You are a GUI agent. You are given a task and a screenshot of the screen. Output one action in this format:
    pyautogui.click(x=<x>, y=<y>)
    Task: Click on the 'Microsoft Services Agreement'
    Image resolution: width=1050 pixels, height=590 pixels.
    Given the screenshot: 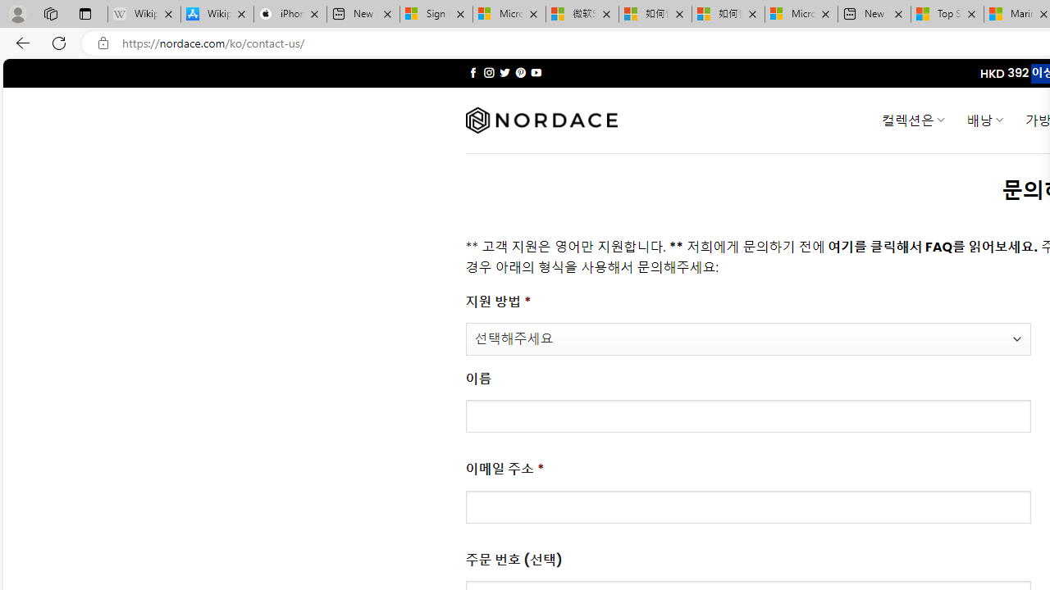 What is the action you would take?
    pyautogui.click(x=509, y=14)
    